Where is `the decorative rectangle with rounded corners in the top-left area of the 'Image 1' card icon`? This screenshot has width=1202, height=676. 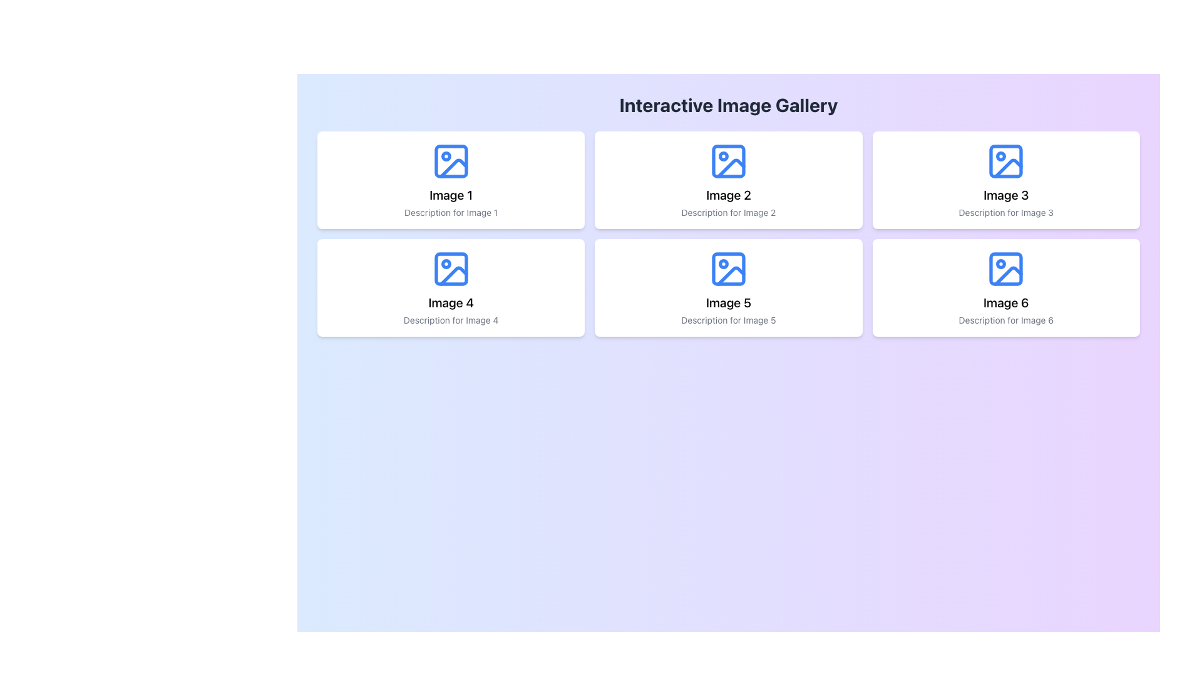 the decorative rectangle with rounded corners in the top-left area of the 'Image 1' card icon is located at coordinates (451, 161).